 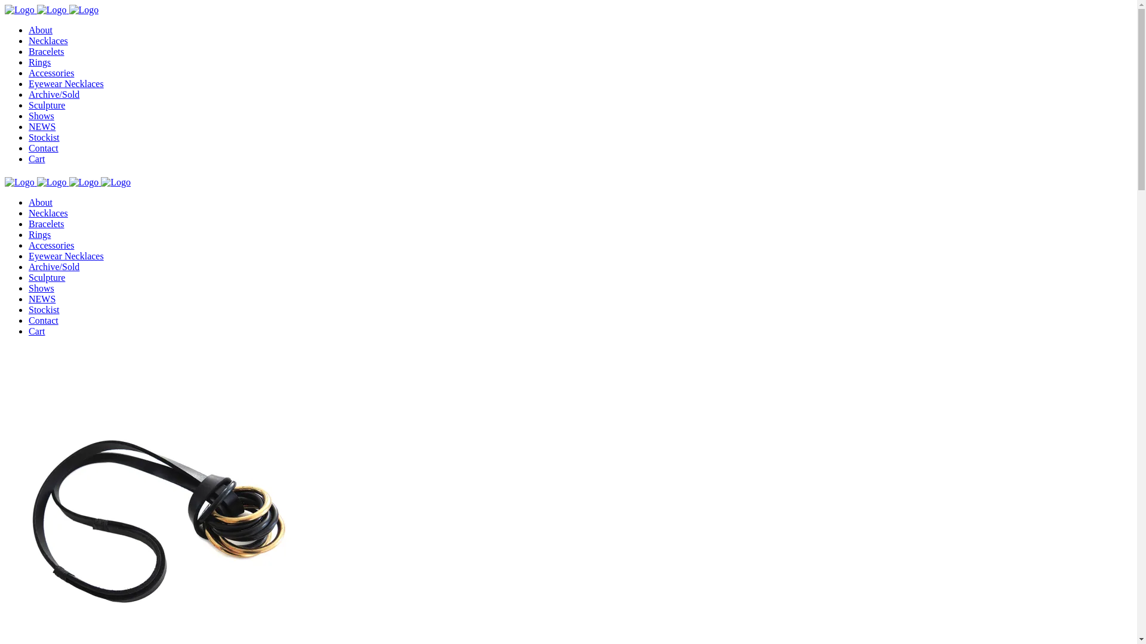 What do you see at coordinates (29, 244) in the screenshot?
I see `'Accessories'` at bounding box center [29, 244].